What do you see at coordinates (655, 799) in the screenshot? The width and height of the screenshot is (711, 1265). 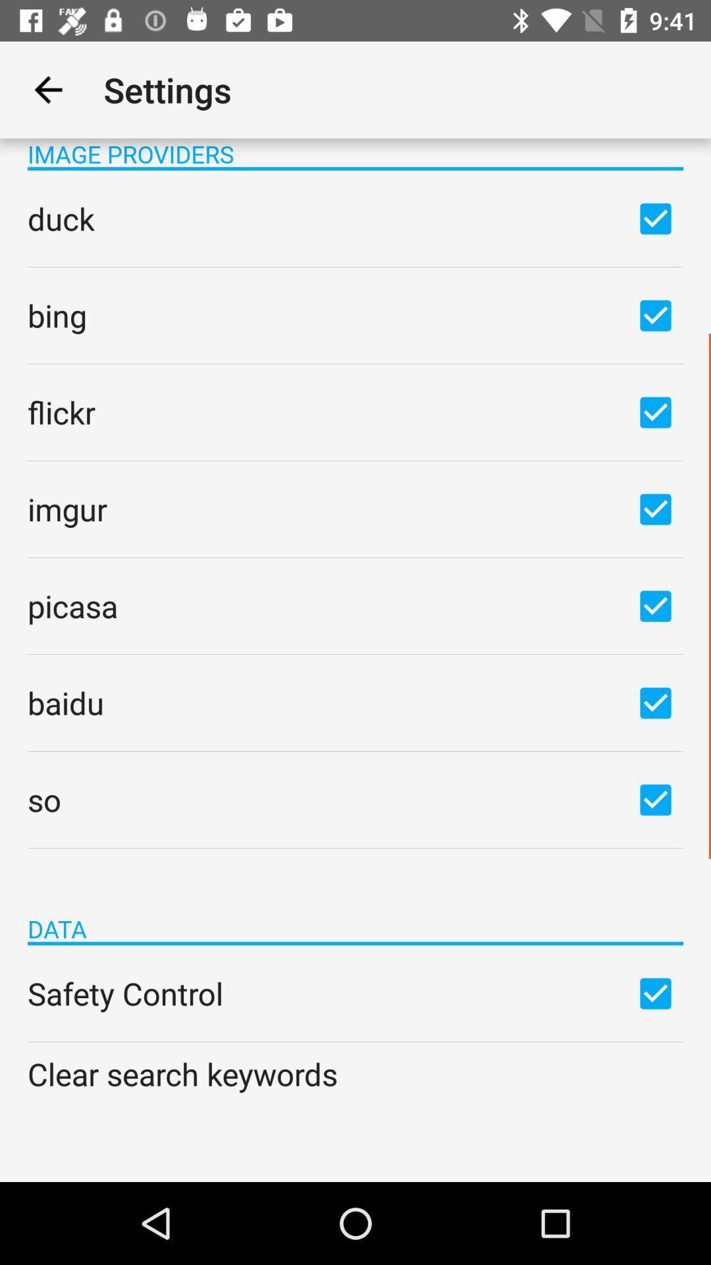 I see `so` at bounding box center [655, 799].